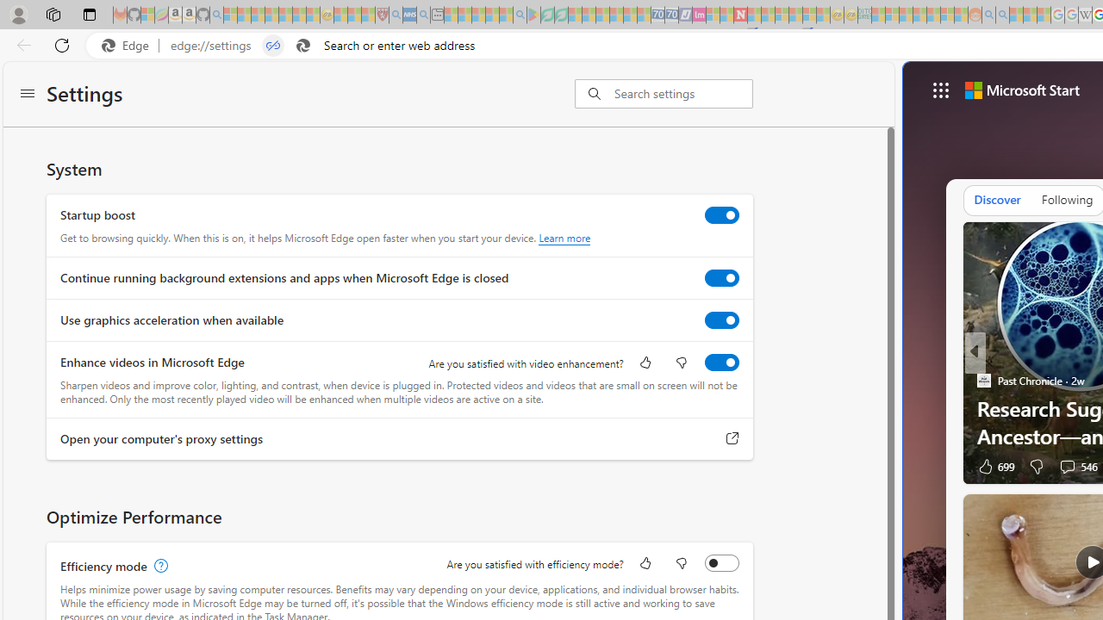 This screenshot has width=1103, height=620. What do you see at coordinates (721, 562) in the screenshot?
I see `'Efficiency mode'` at bounding box center [721, 562].